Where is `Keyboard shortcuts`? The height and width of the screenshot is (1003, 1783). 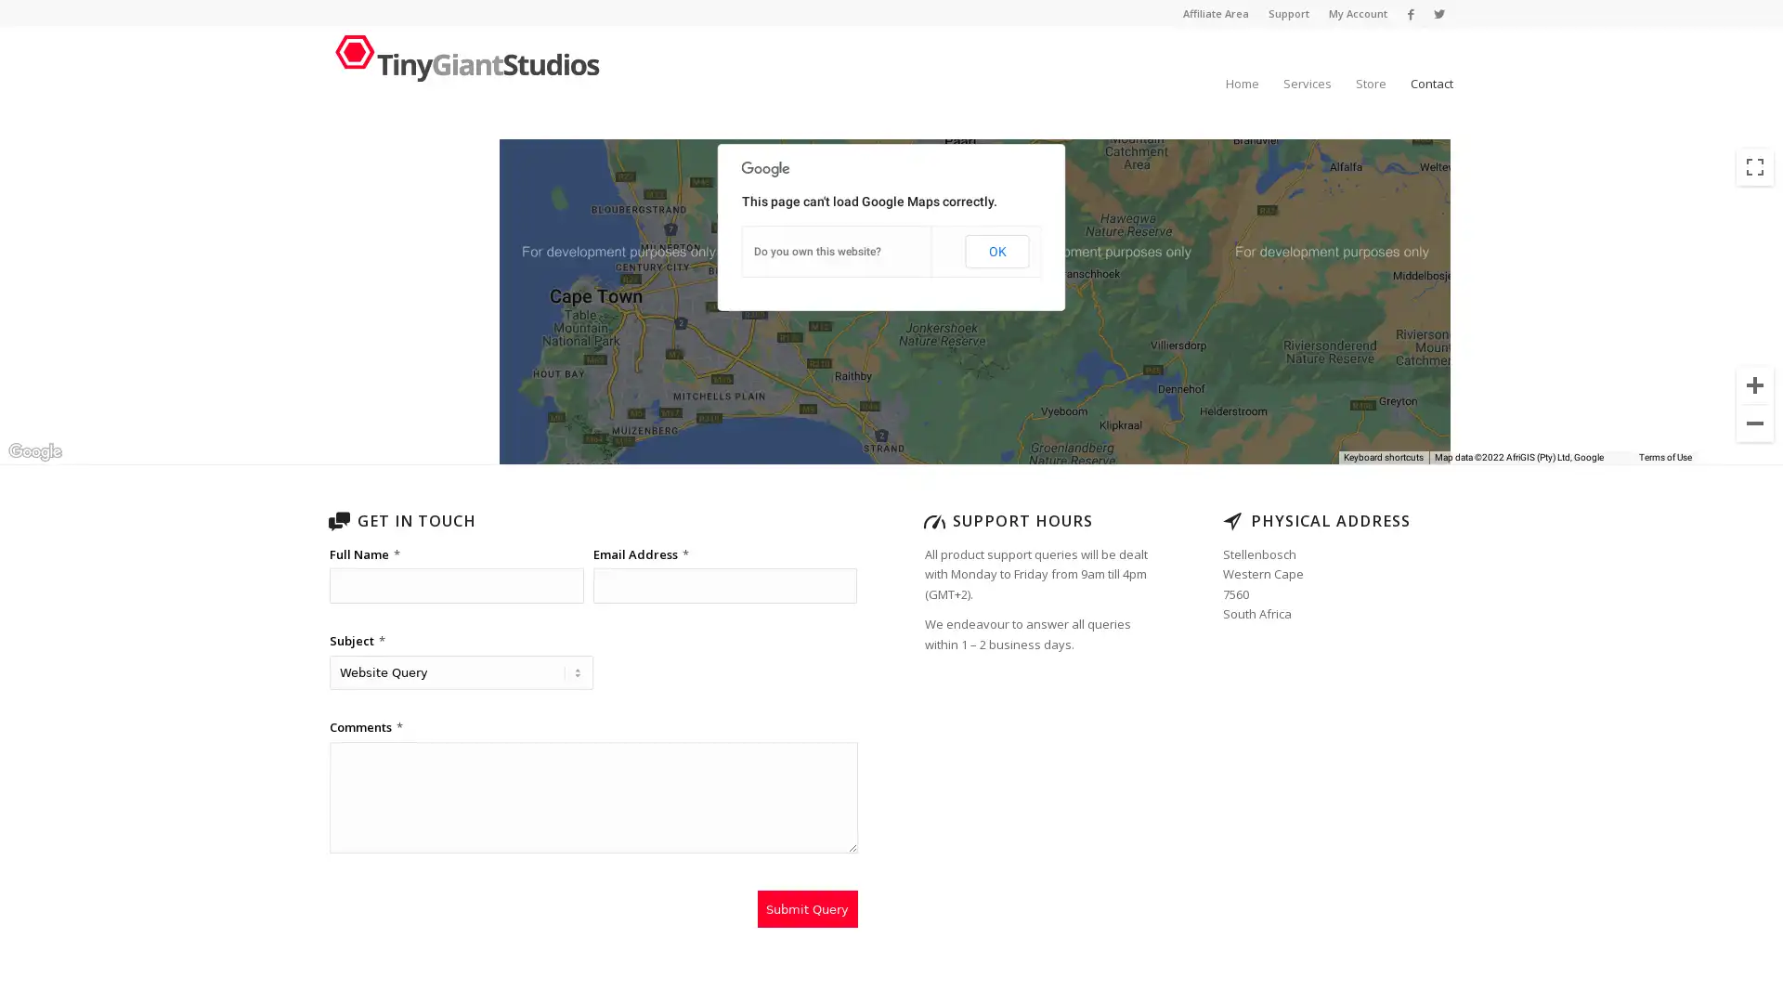 Keyboard shortcuts is located at coordinates (1493, 458).